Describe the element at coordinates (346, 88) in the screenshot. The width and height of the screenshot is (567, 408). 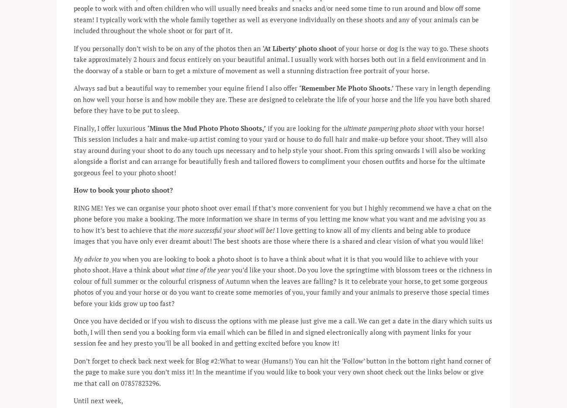
I see `'‘Remember Me Photo Shoots.’'` at that location.